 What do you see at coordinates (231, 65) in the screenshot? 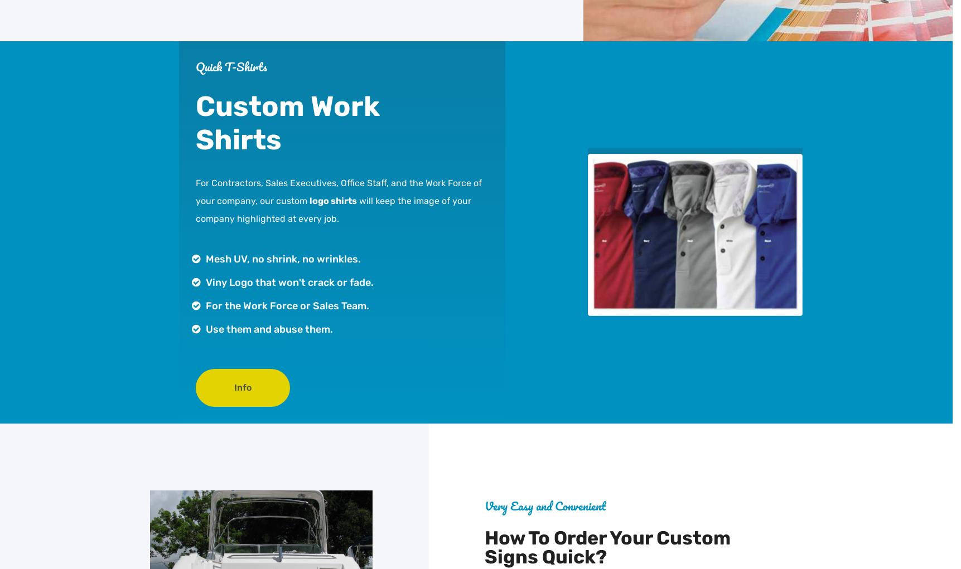
I see `'Quick T-Shirts'` at bounding box center [231, 65].